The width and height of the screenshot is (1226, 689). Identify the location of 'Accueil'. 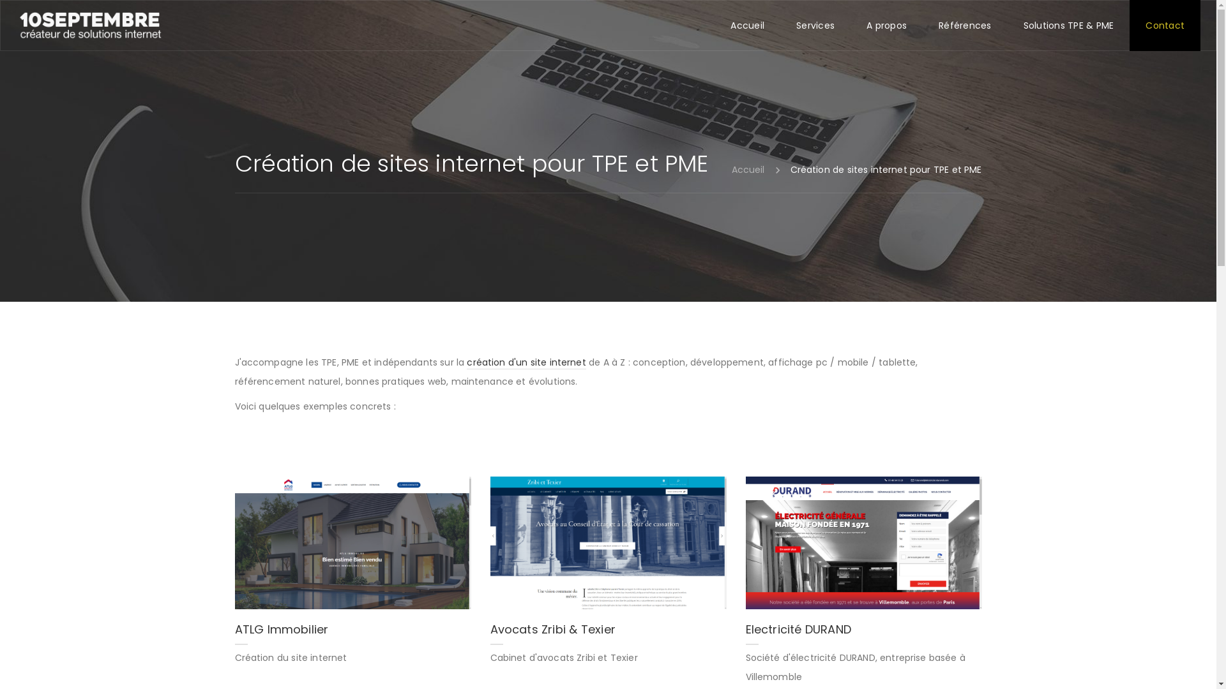
(747, 25).